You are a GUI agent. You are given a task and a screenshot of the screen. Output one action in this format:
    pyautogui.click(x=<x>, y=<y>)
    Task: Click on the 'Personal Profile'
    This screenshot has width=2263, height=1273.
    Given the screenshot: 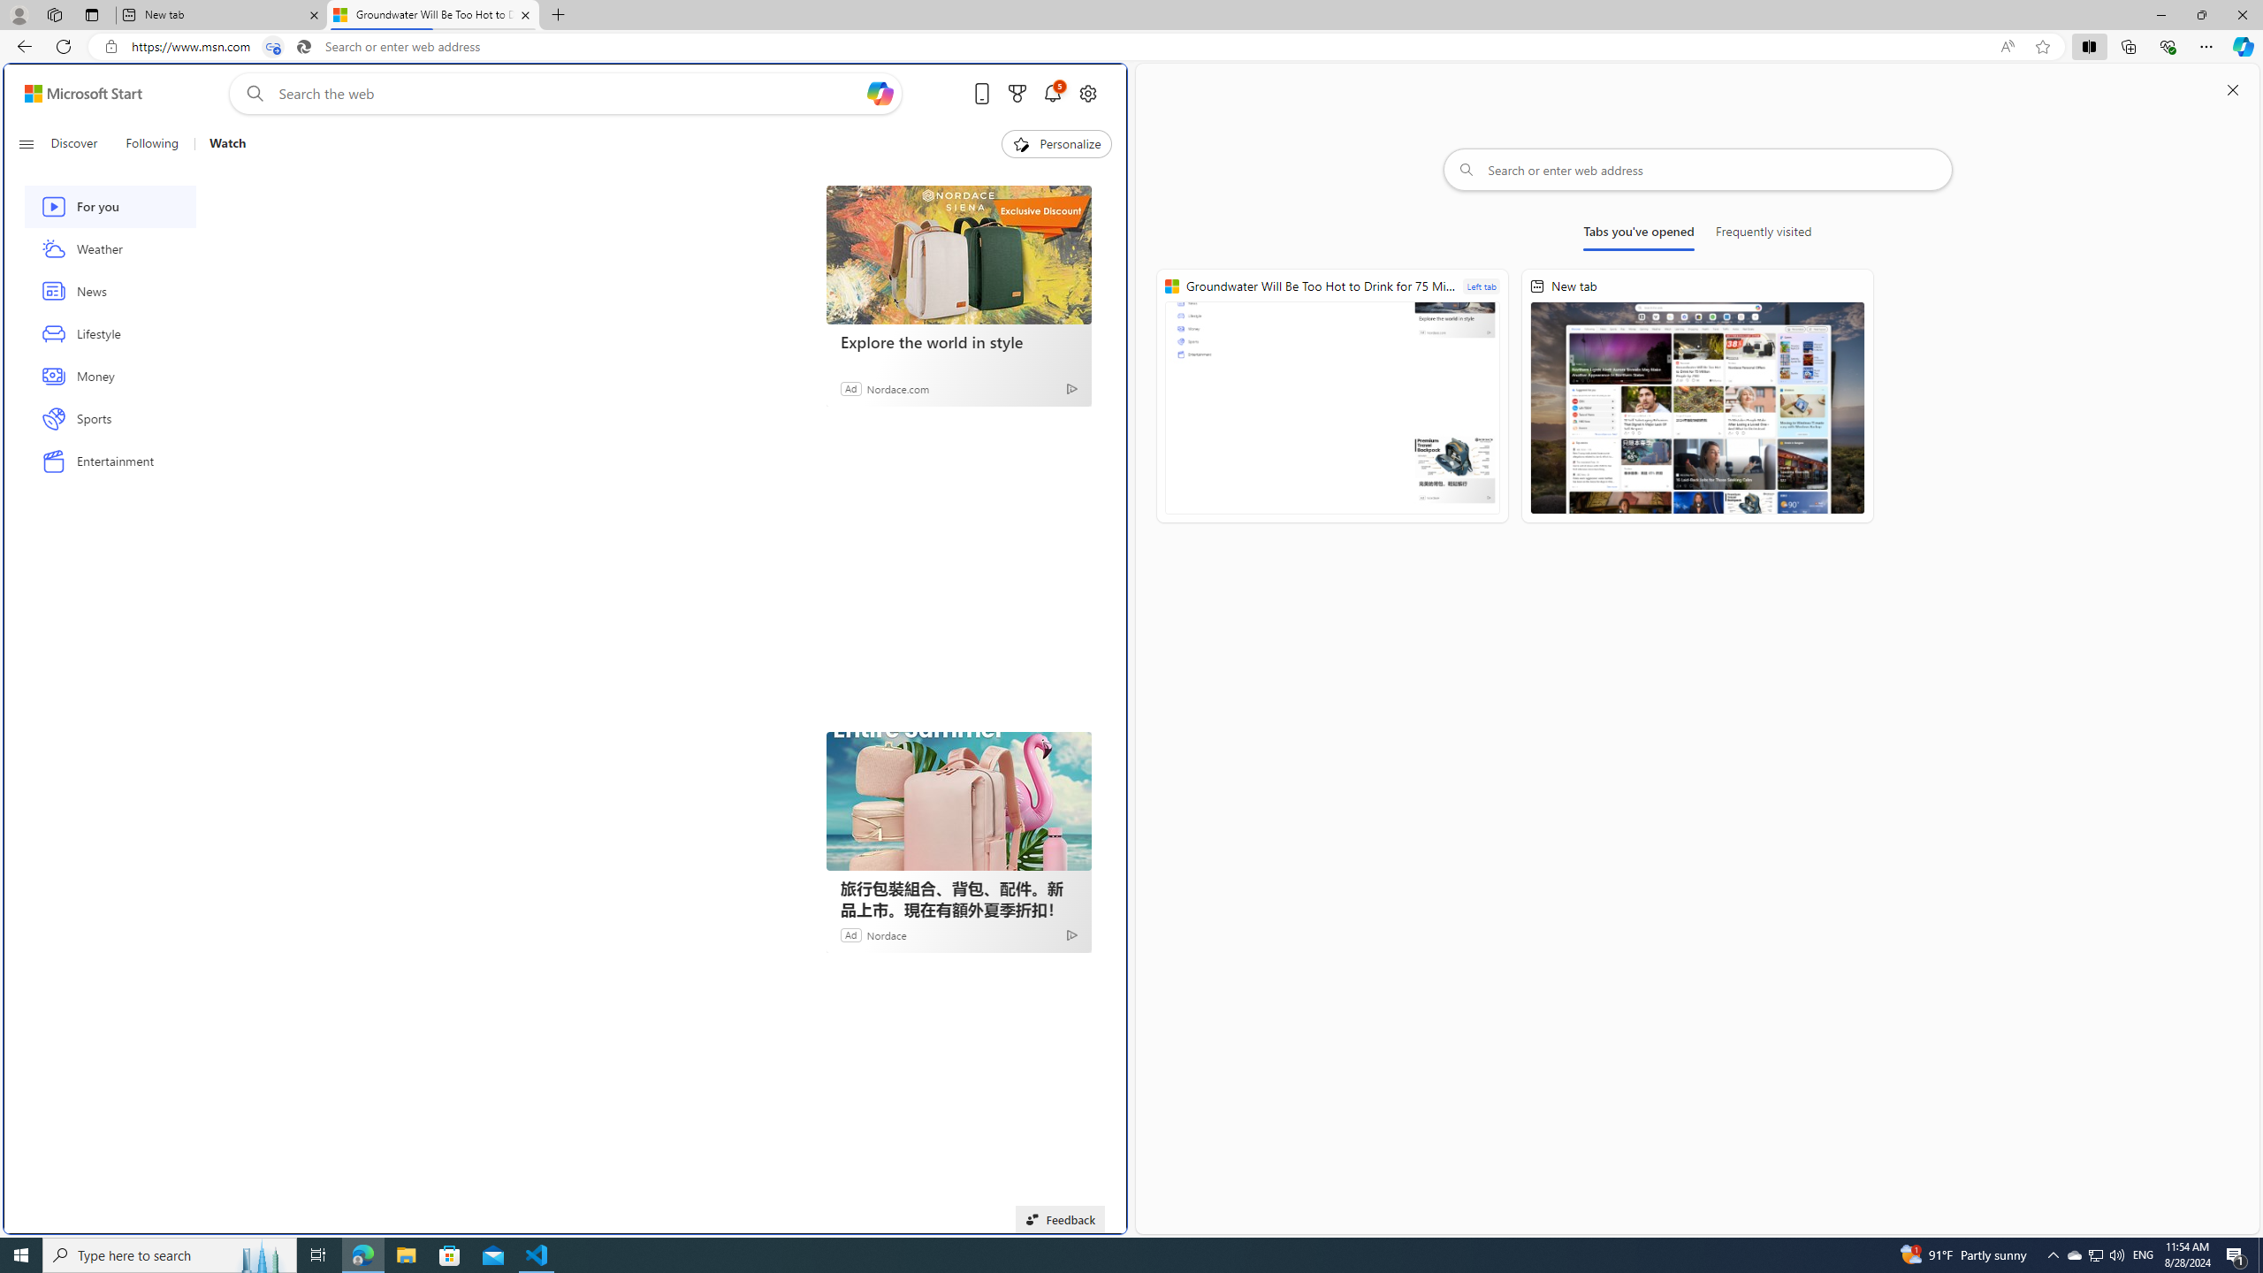 What is the action you would take?
    pyautogui.click(x=18, y=14)
    